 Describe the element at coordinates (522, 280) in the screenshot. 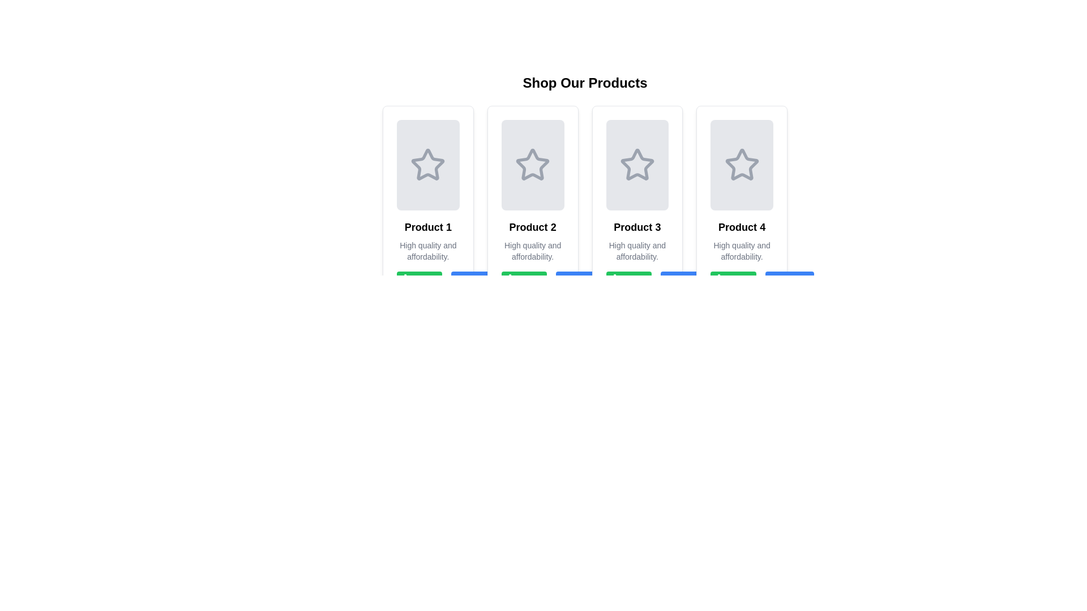

I see `the heart-shaped icon below the product name and image in the 'Product 2' card to favorite the product` at that location.